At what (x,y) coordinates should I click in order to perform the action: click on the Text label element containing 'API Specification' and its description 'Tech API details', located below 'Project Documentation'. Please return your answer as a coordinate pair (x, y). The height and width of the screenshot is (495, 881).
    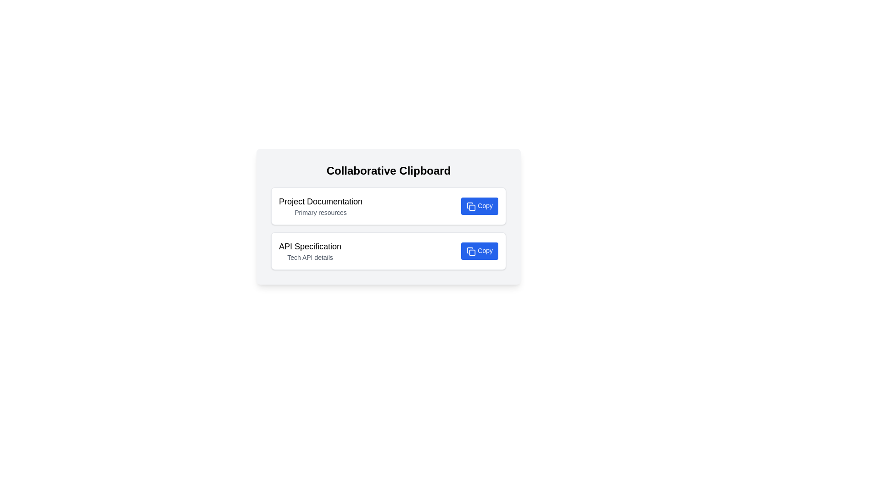
    Looking at the image, I should click on (310, 251).